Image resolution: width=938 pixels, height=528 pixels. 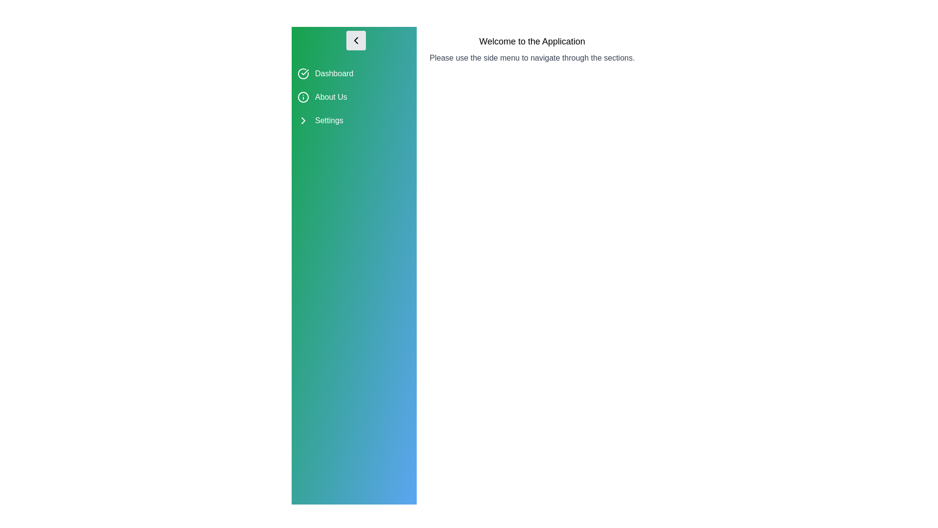 What do you see at coordinates (353, 97) in the screenshot?
I see `the menu item About Us to select it` at bounding box center [353, 97].